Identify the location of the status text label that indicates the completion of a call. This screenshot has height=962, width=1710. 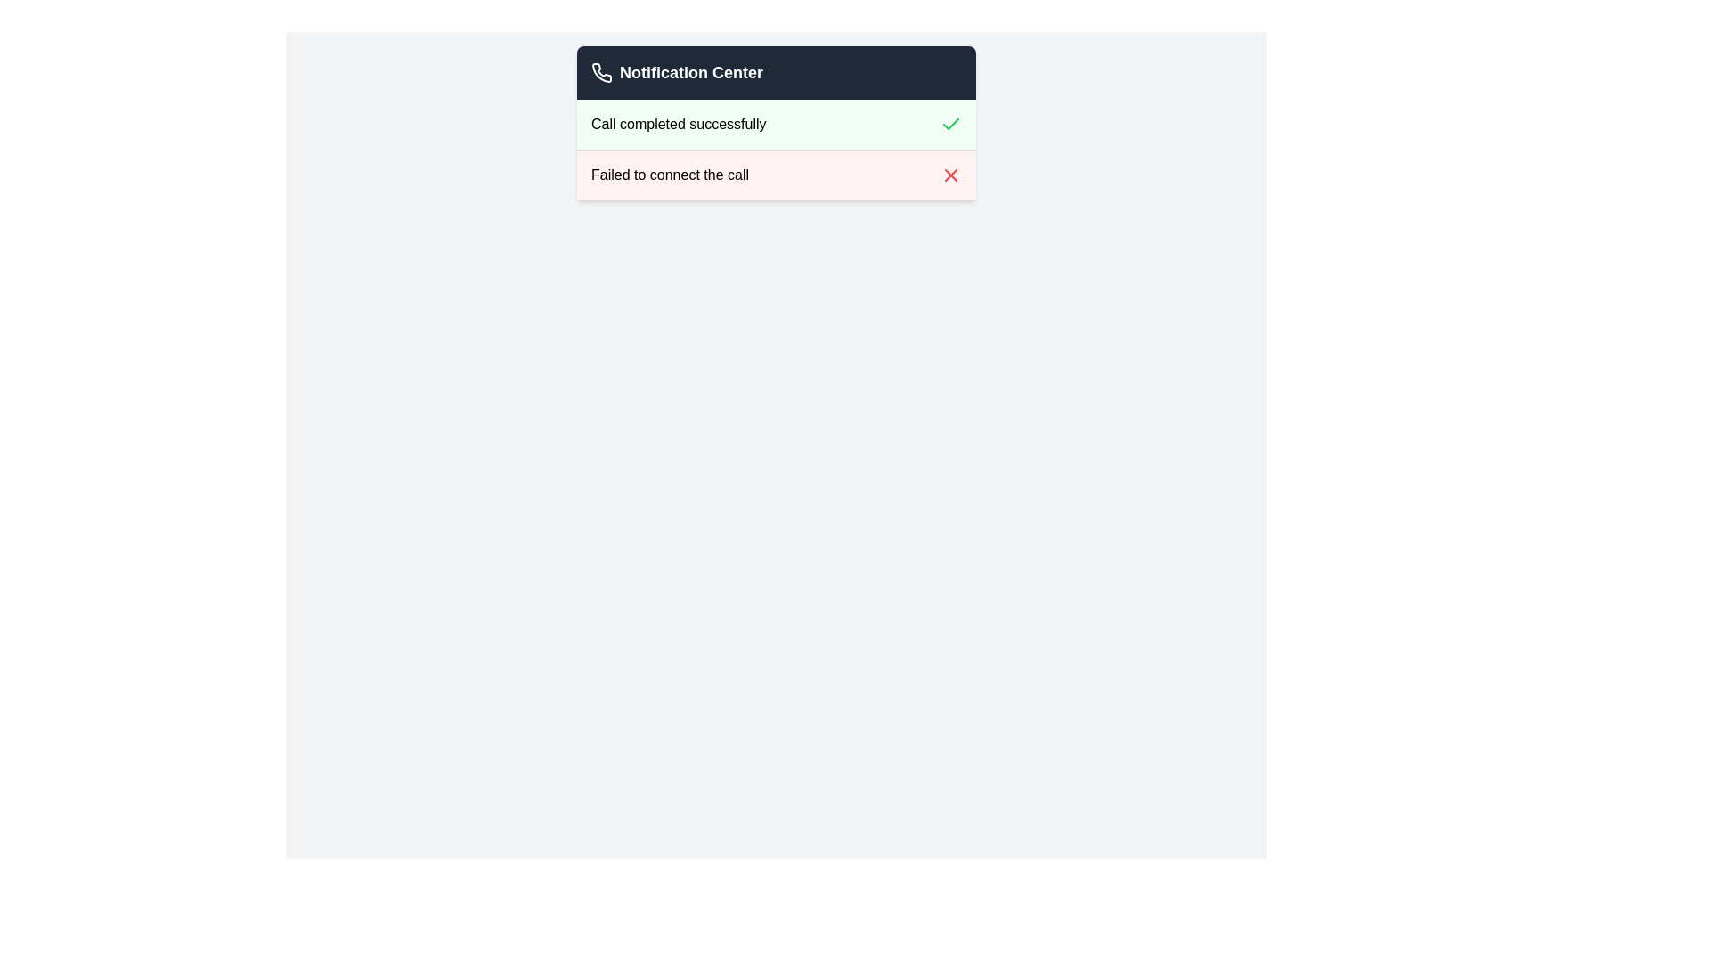
(678, 123).